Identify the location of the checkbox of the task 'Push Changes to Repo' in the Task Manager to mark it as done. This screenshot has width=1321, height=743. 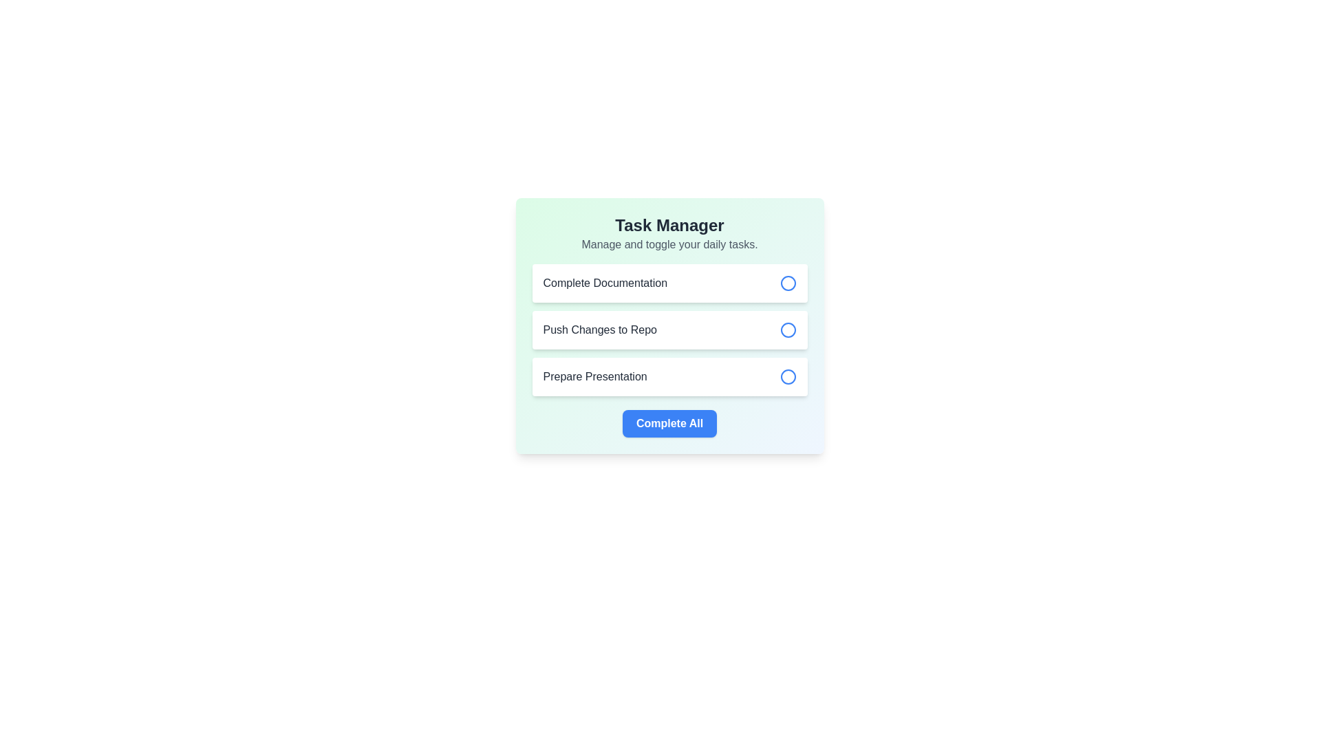
(669, 330).